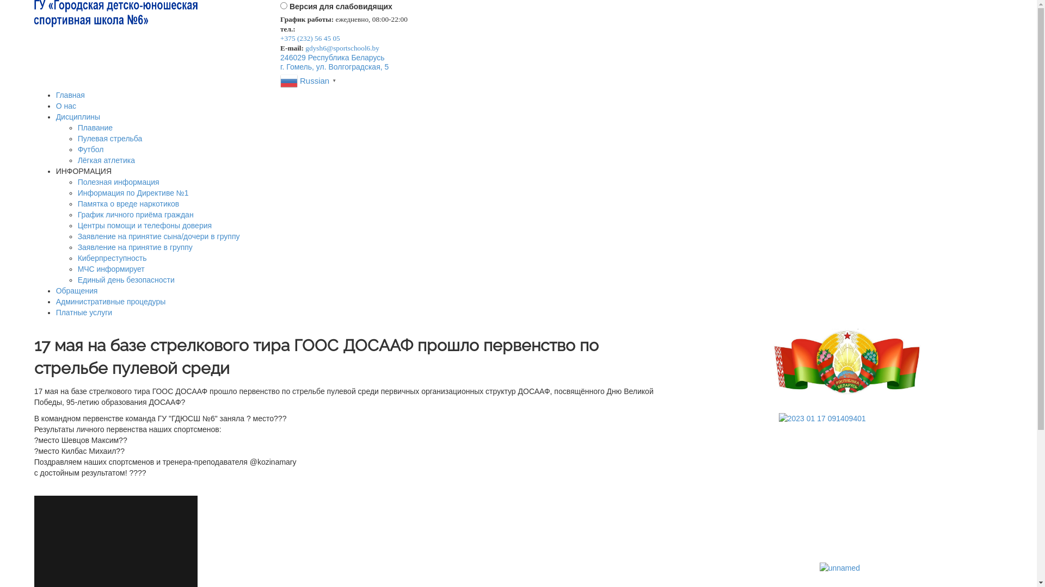  Describe the element at coordinates (310, 38) in the screenshot. I see `'+375 (232) 56 45 05'` at that location.